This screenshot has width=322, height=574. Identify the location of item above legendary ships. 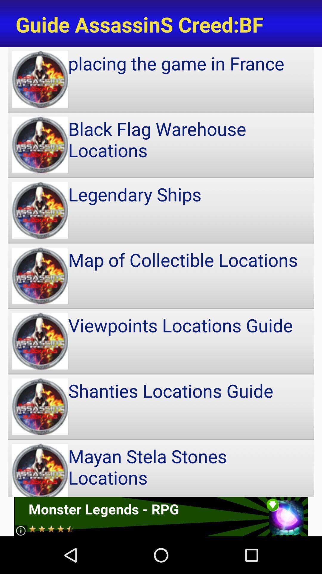
(161, 145).